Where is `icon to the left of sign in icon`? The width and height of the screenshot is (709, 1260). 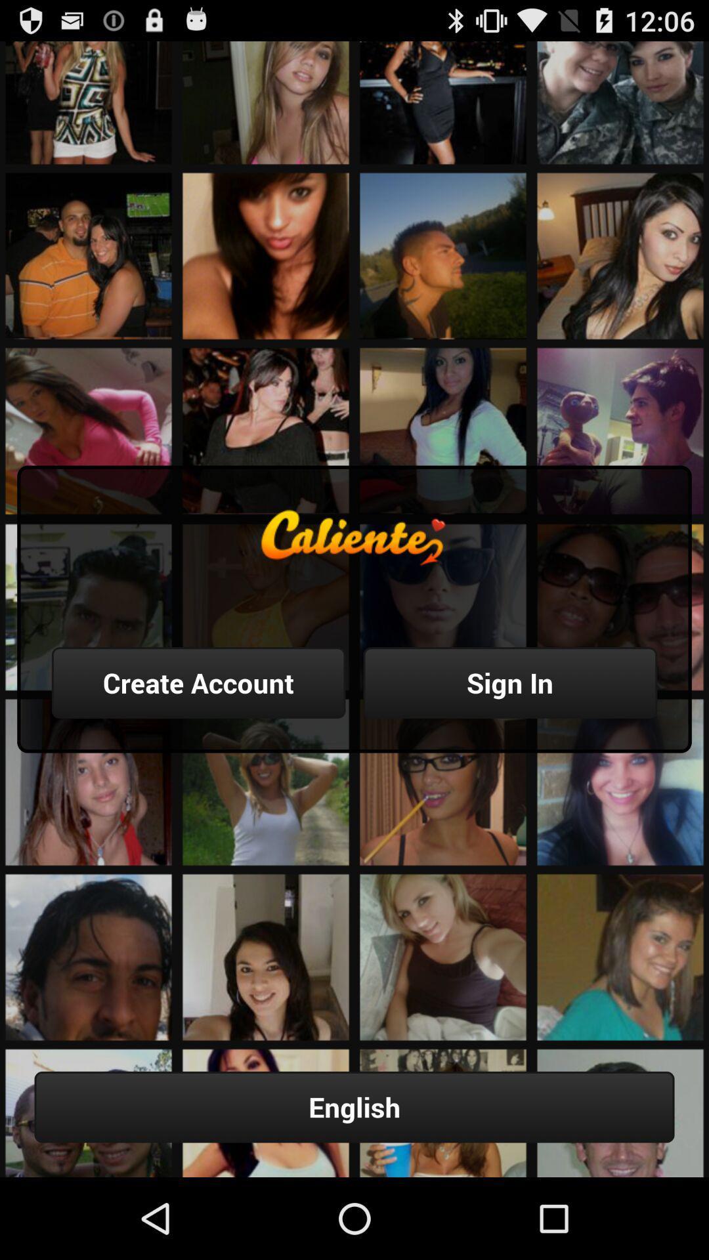
icon to the left of sign in icon is located at coordinates (198, 682).